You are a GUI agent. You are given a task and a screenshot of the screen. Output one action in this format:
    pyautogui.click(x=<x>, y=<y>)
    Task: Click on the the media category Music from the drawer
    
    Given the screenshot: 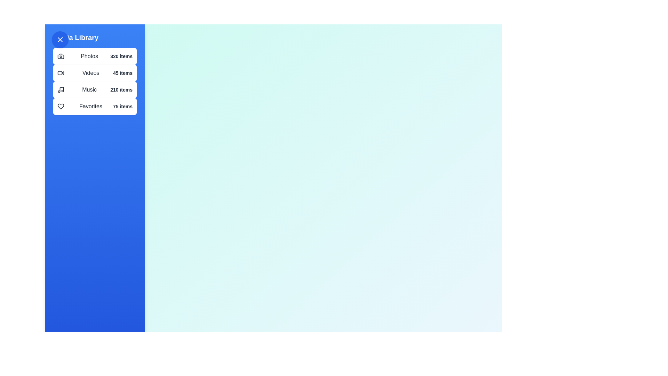 What is the action you would take?
    pyautogui.click(x=95, y=89)
    